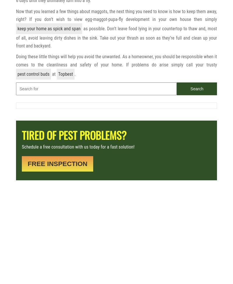  Describe the element at coordinates (74, 135) in the screenshot. I see `'TIRED OF PEST PROBLEMS?'` at that location.